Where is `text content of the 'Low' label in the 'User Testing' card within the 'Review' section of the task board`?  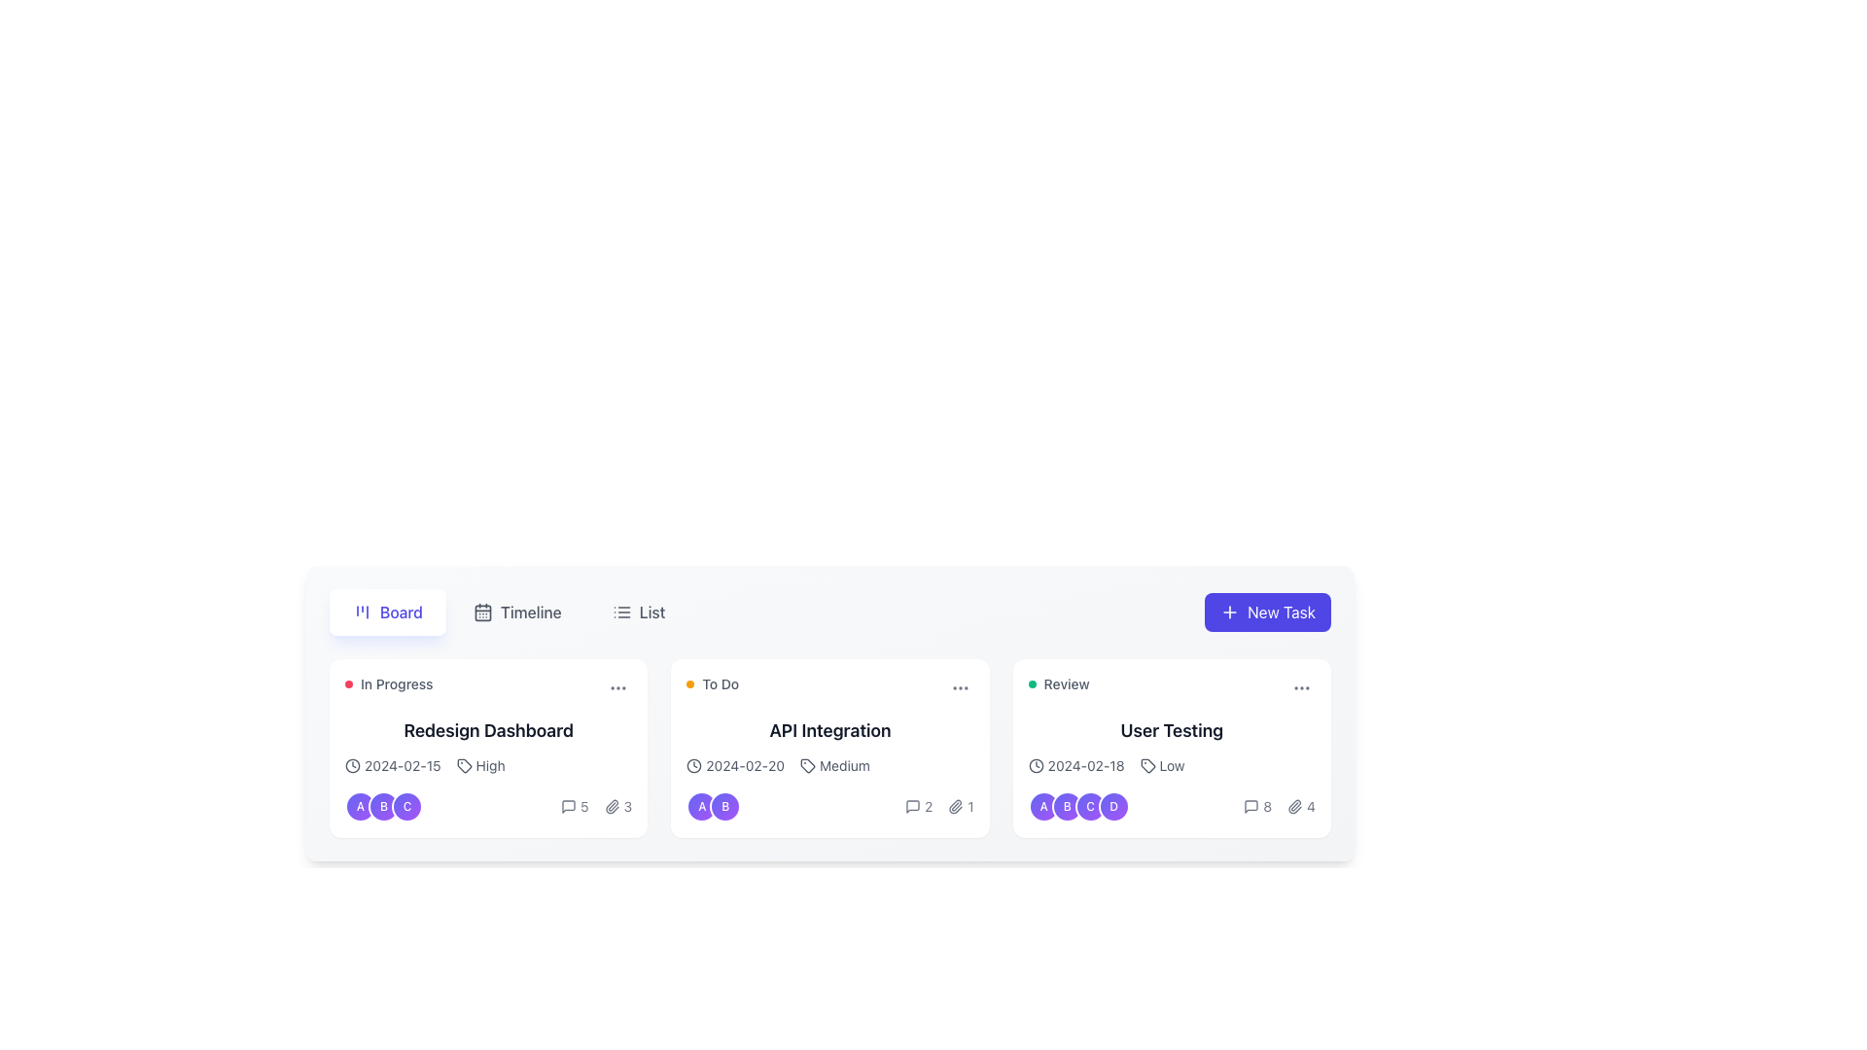 text content of the 'Low' label in the 'User Testing' card within the 'Review' section of the task board is located at coordinates (1171, 764).